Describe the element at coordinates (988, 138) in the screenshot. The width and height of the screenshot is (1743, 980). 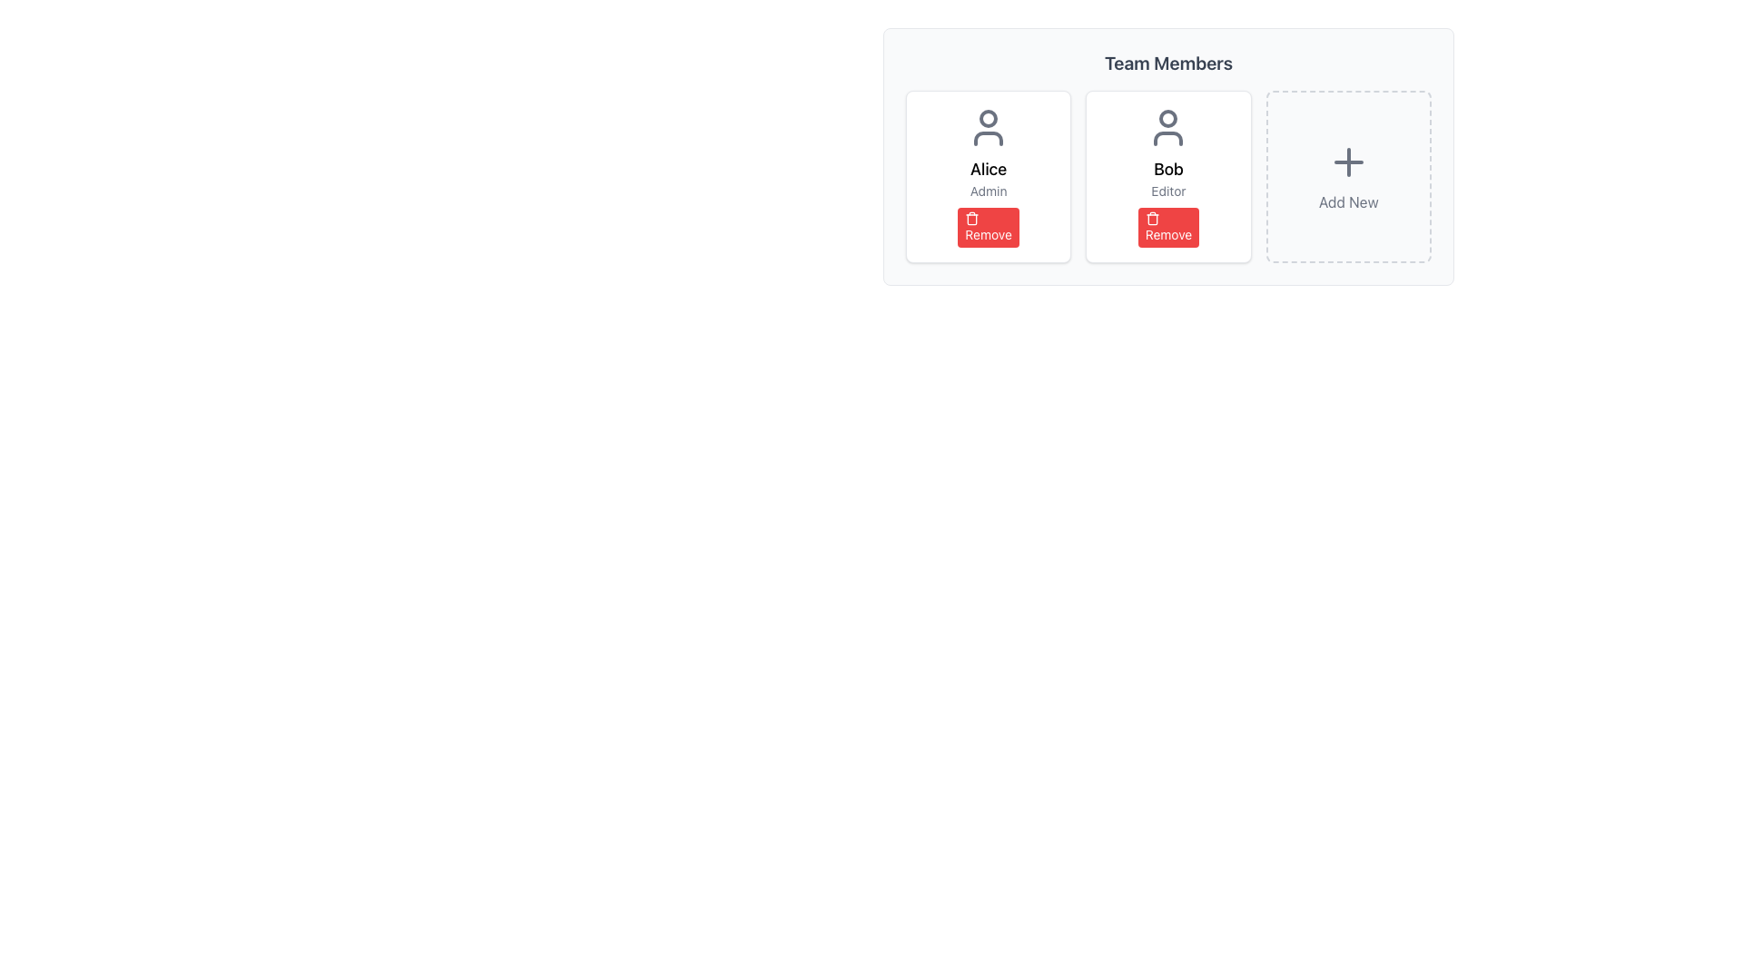
I see `the graphical icon representing a rectangular bar within the circular profile icon for 'Alice' in the 'Team Members' section` at that location.